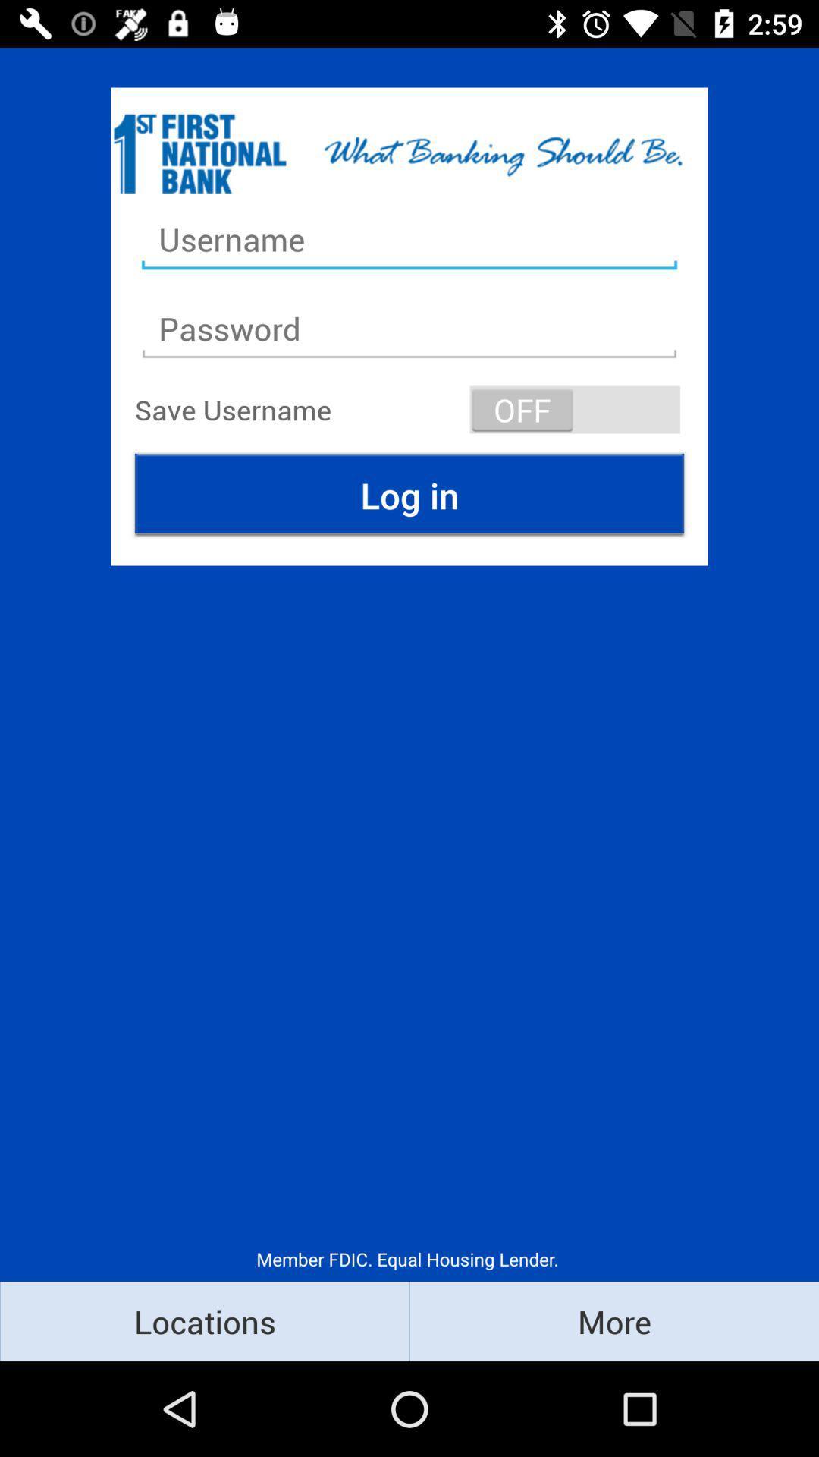  I want to click on icon at the bottom right corner, so click(614, 1320).